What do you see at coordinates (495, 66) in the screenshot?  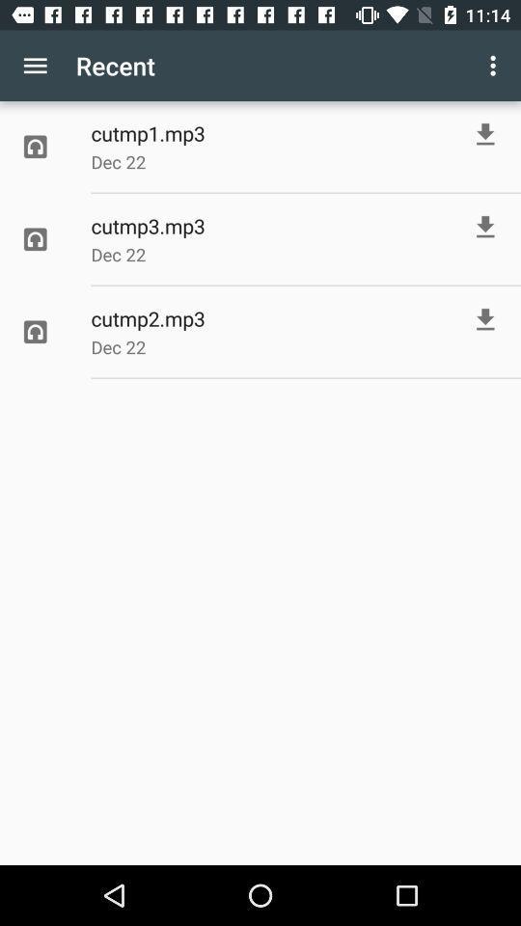 I see `the item to the right of recent item` at bounding box center [495, 66].